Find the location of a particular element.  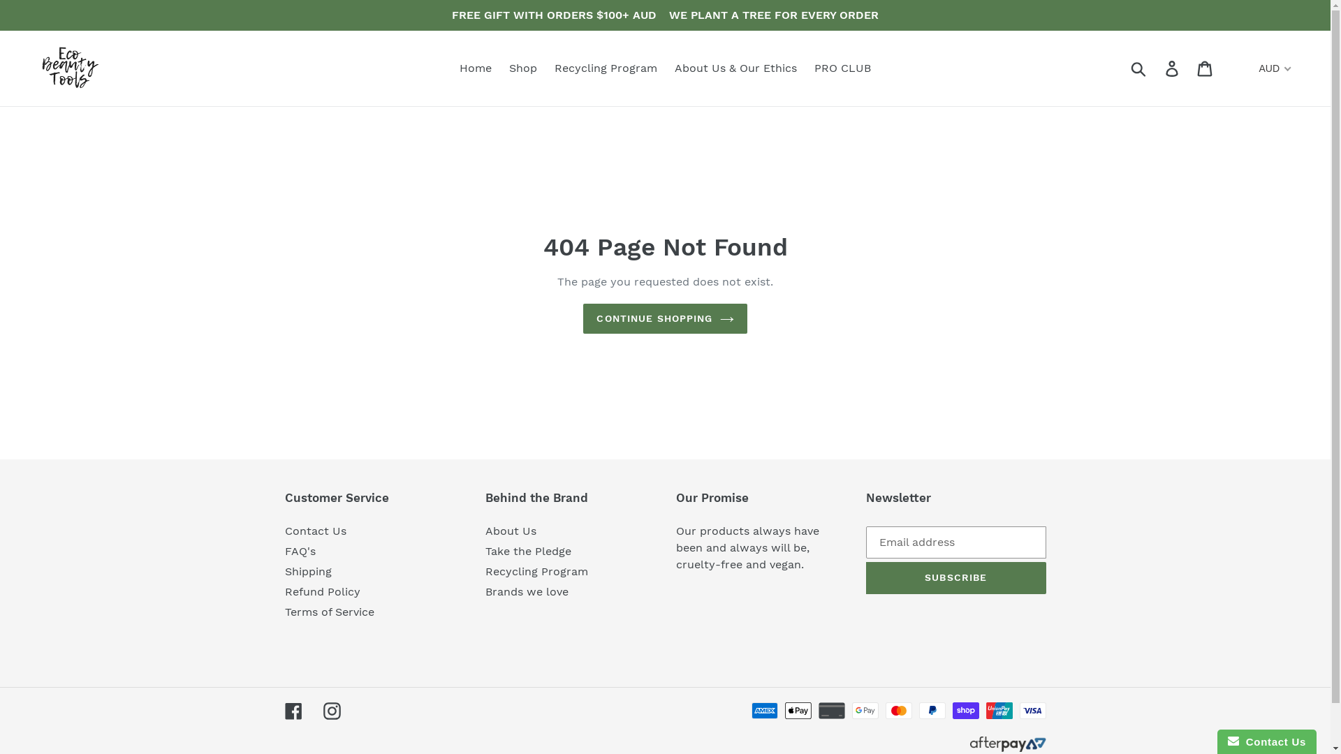

'Log in' is located at coordinates (1173, 68).